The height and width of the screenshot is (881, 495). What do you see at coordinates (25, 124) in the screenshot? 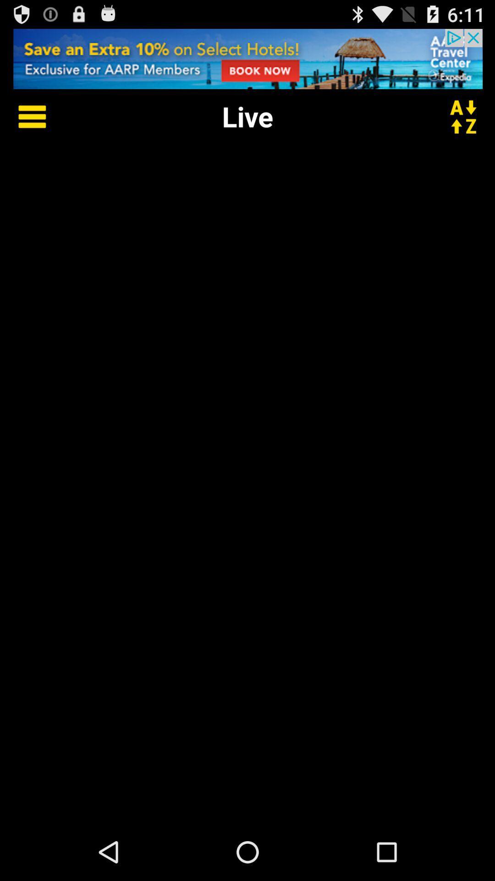
I see `the menu icon` at bounding box center [25, 124].